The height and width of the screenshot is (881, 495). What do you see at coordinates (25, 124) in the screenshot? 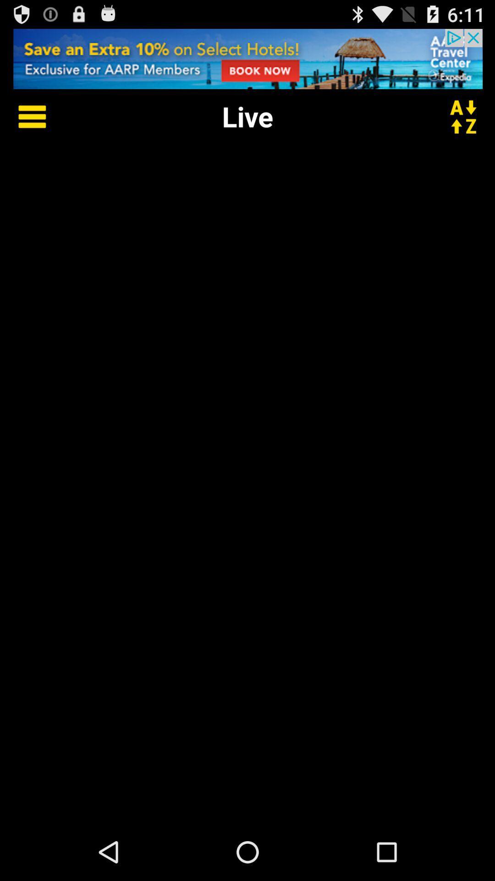
I see `the menu icon` at bounding box center [25, 124].